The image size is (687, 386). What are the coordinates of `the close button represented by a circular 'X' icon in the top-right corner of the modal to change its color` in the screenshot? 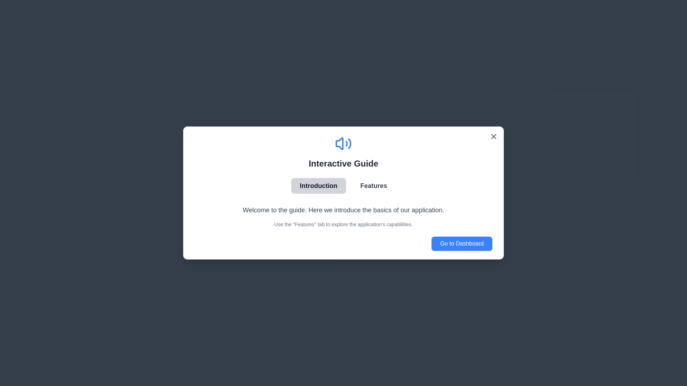 It's located at (493, 136).